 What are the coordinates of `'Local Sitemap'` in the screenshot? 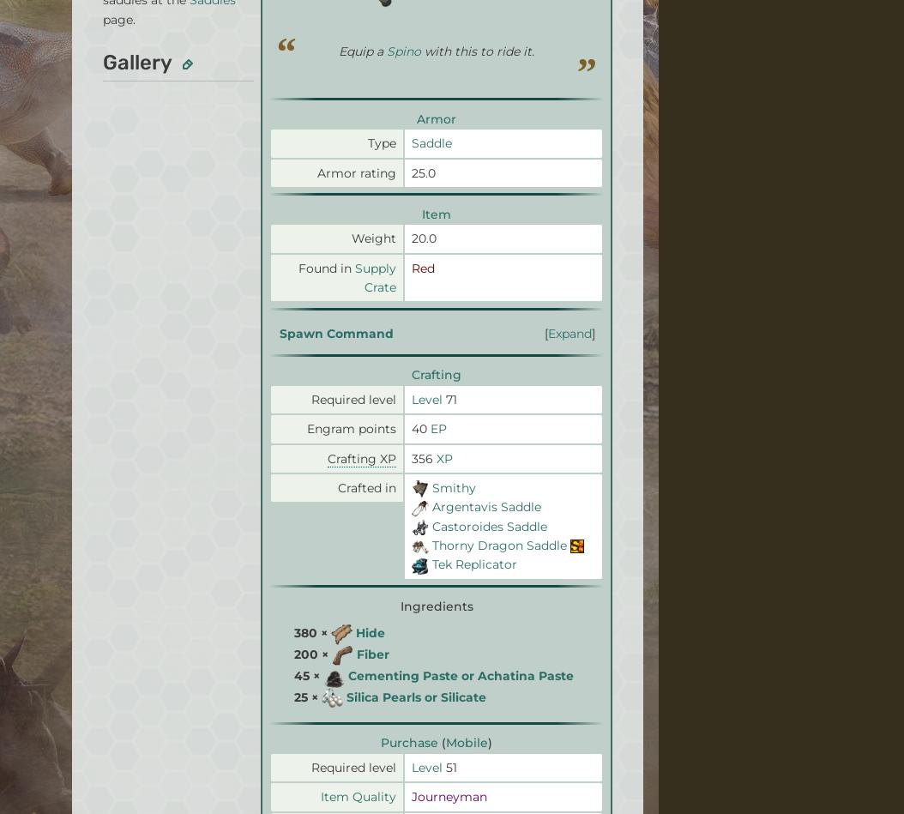 It's located at (408, 344).